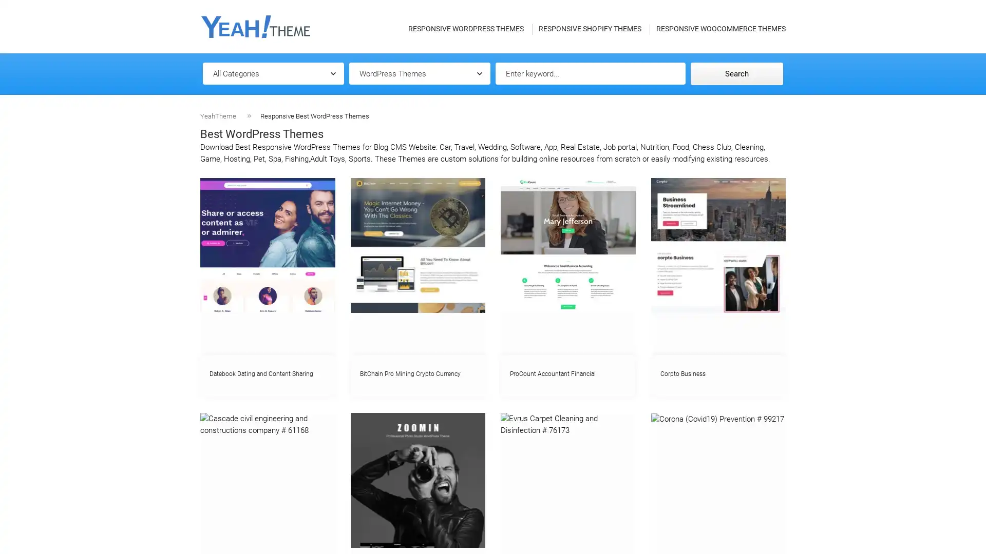 This screenshot has height=554, width=986. Describe the element at coordinates (736, 73) in the screenshot. I see `Search` at that location.